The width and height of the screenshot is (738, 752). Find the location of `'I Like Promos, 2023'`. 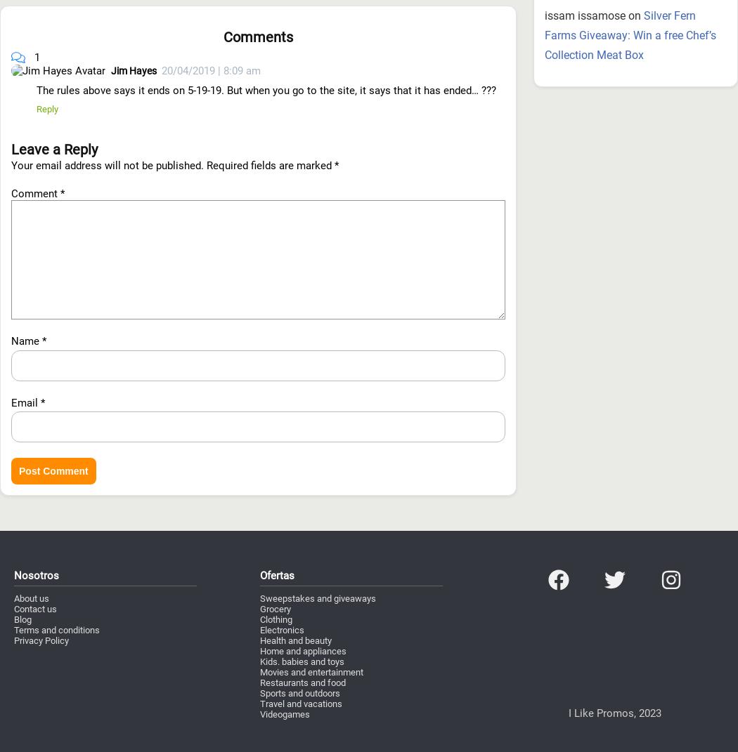

'I Like Promos, 2023' is located at coordinates (614, 637).